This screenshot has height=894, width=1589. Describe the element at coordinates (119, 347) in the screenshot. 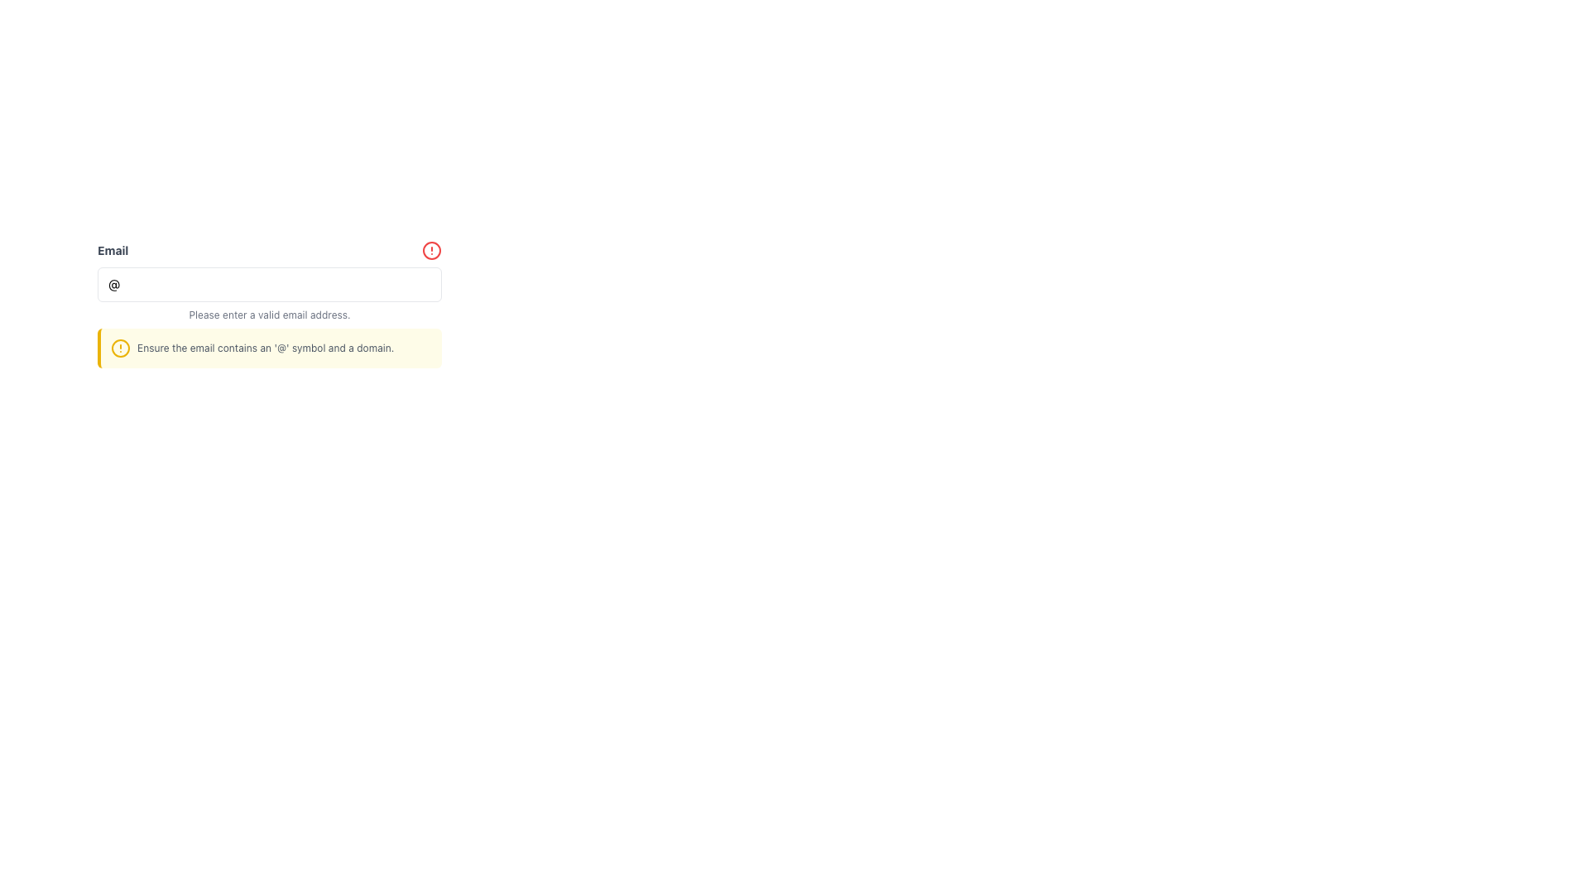

I see `the SVG circle graphic that is part of the notification icon located near the input field labeled 'Email'` at that location.